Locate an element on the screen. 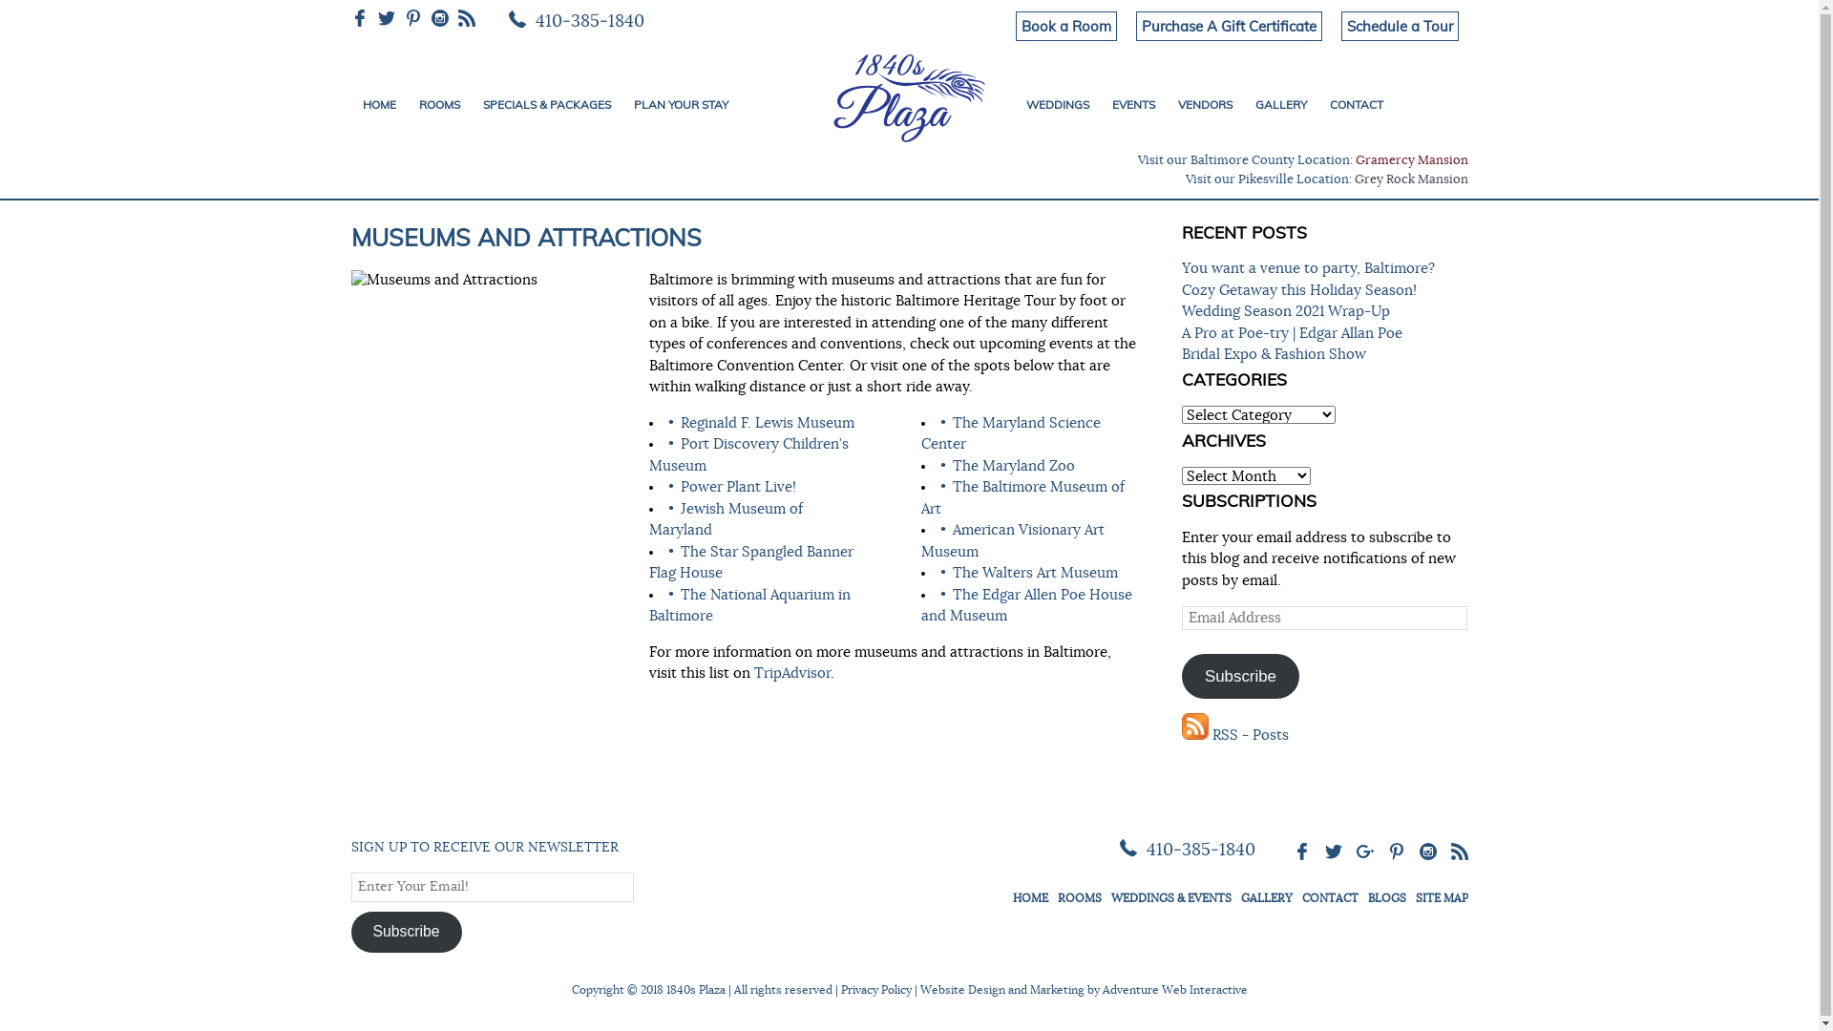  'SPECIALS & PACKAGES' is located at coordinates (545, 105).